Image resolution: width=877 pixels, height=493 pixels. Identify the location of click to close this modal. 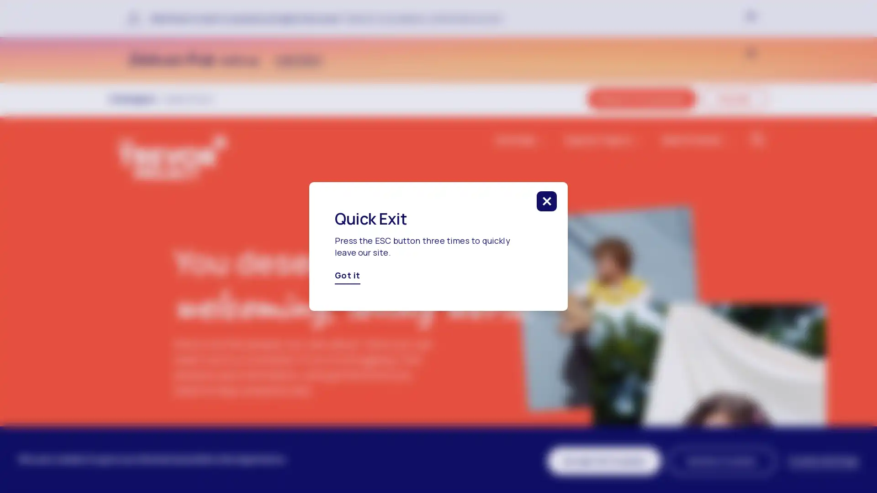
(546, 200).